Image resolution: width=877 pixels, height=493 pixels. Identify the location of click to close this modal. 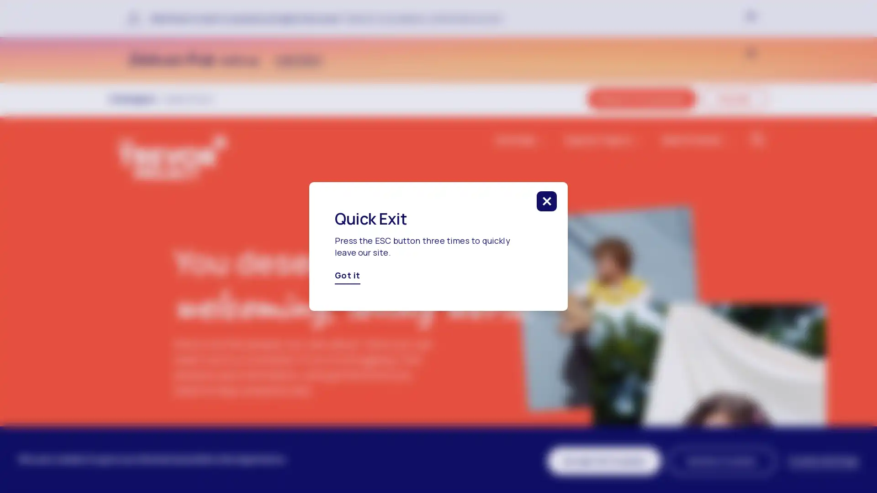
(546, 200).